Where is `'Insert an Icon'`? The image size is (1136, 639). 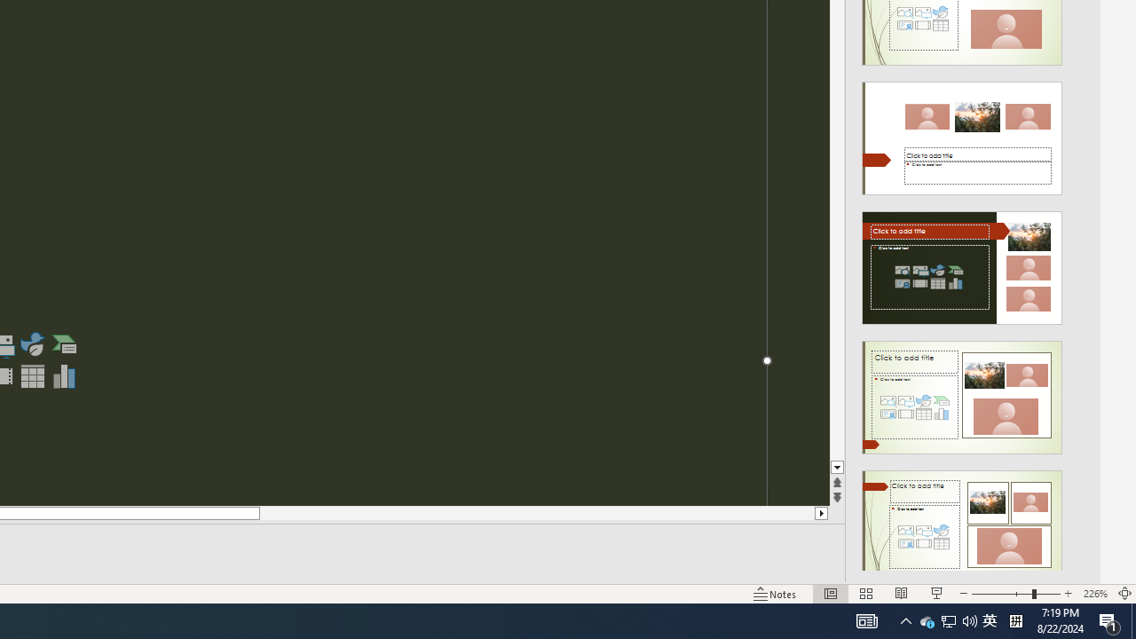 'Insert an Icon' is located at coordinates (32, 344).